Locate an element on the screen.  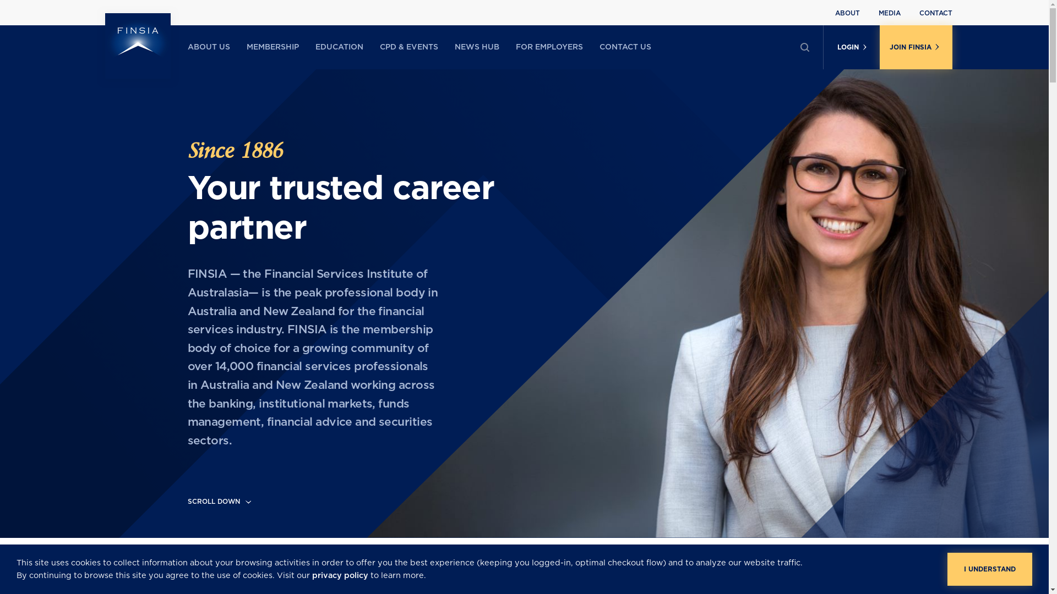
'JOIN FINSIA' is located at coordinates (916, 46).